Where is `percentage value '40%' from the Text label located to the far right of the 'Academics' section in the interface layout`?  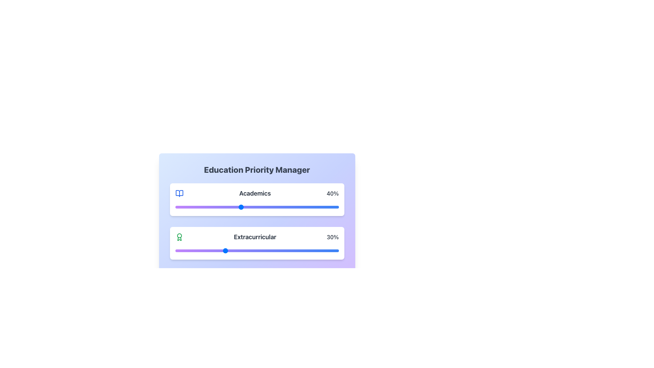
percentage value '40%' from the Text label located to the far right of the 'Academics' section in the interface layout is located at coordinates (332, 193).